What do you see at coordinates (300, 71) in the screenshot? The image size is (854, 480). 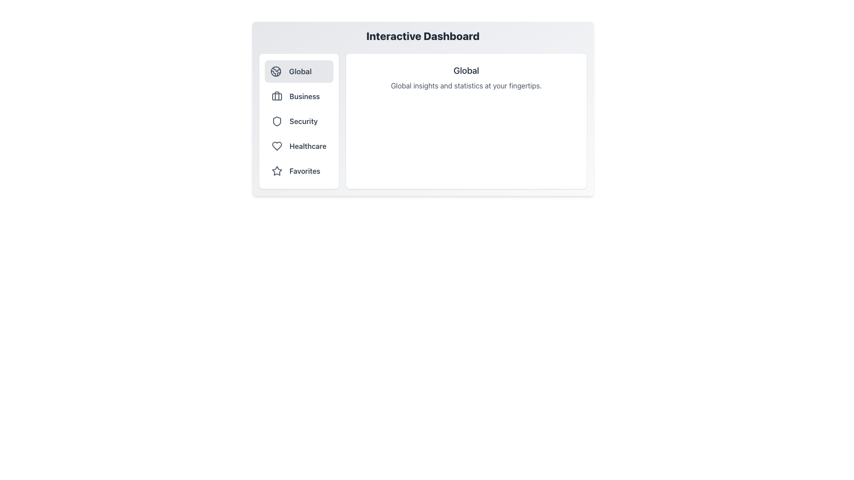 I see `text 'Global' displayed in bold gray font next to the globe icon in the topmost item of the navigation menu` at bounding box center [300, 71].